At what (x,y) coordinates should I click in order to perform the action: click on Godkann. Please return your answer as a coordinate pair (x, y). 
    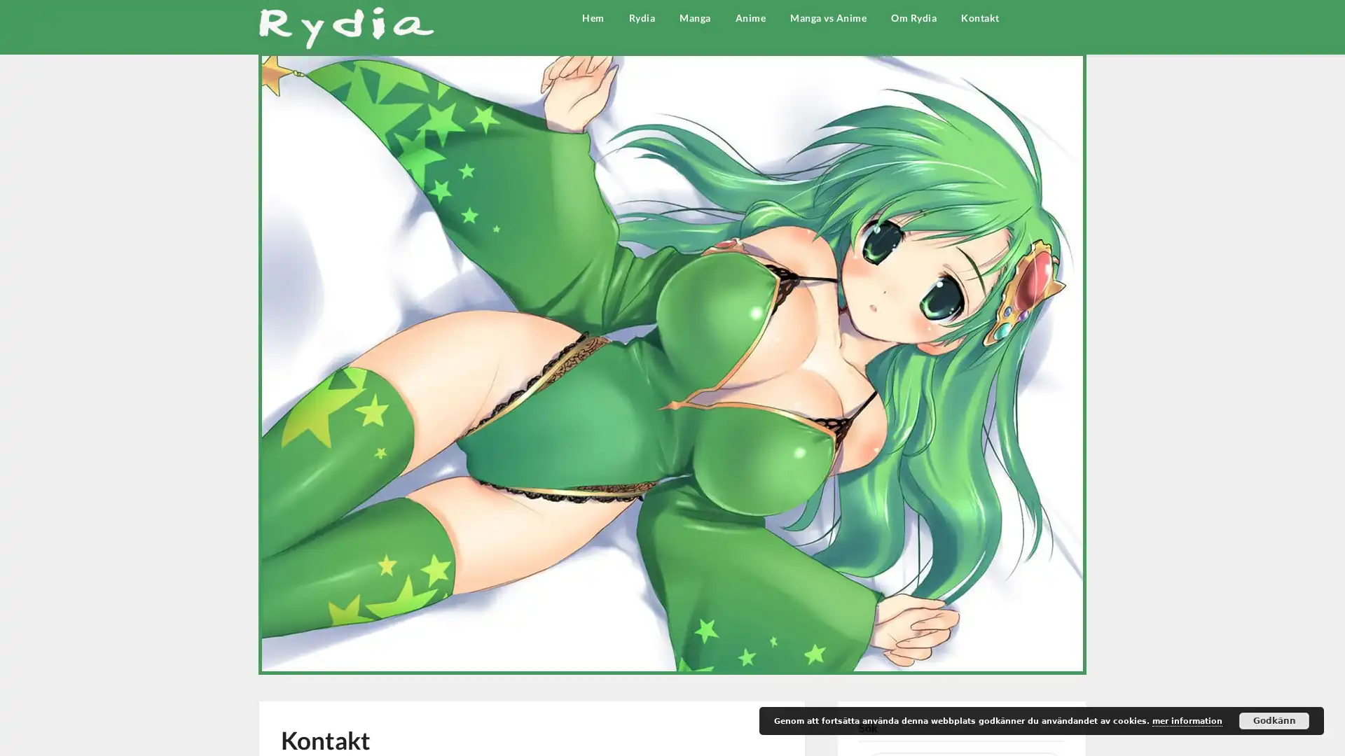
    Looking at the image, I should click on (1274, 720).